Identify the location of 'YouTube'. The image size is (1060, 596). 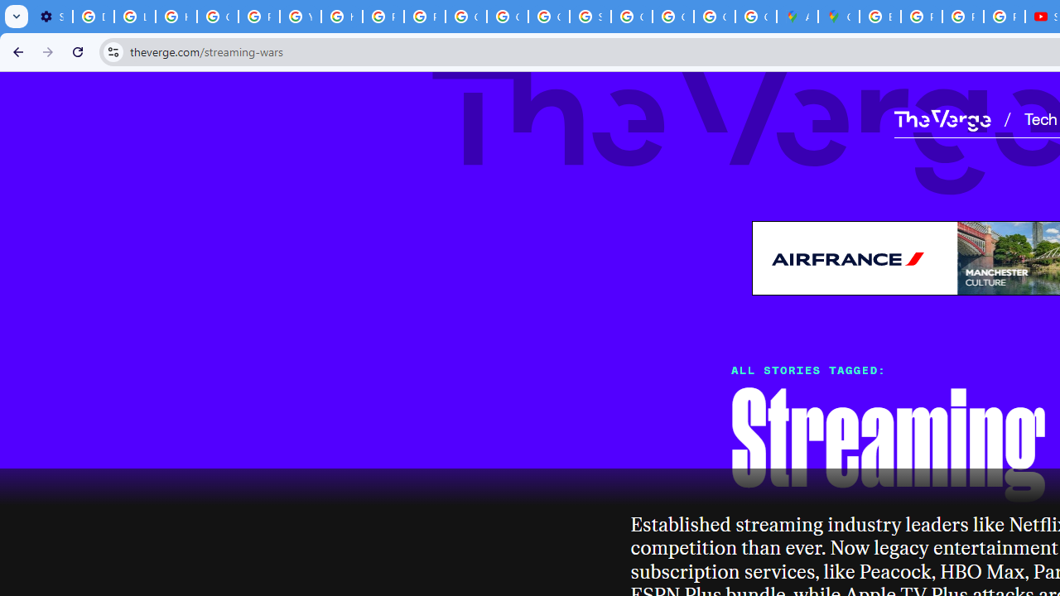
(300, 17).